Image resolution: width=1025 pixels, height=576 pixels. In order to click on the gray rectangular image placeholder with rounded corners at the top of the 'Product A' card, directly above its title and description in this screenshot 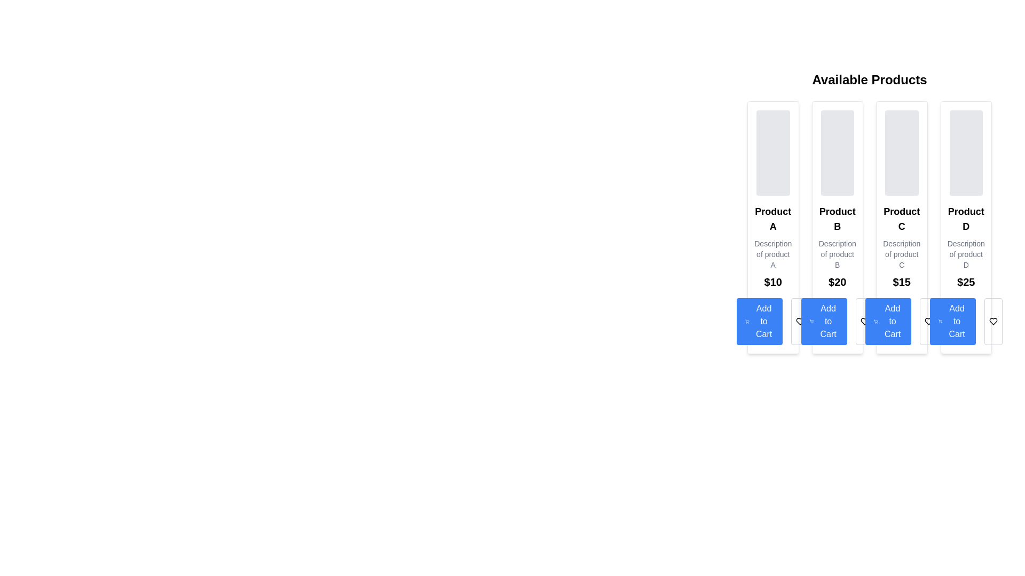, I will do `click(773, 153)`.